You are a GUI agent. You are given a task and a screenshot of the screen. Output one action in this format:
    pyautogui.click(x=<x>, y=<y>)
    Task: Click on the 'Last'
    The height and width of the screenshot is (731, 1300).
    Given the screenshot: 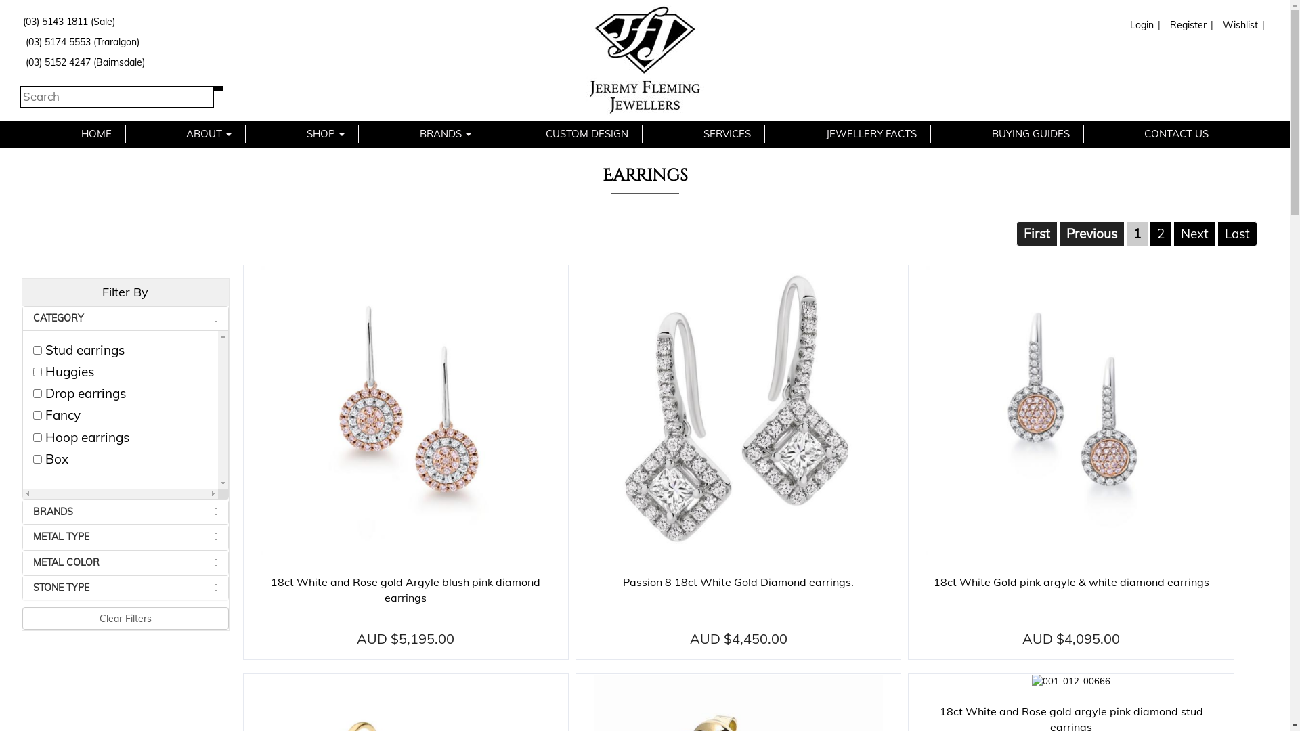 What is the action you would take?
    pyautogui.click(x=1237, y=232)
    